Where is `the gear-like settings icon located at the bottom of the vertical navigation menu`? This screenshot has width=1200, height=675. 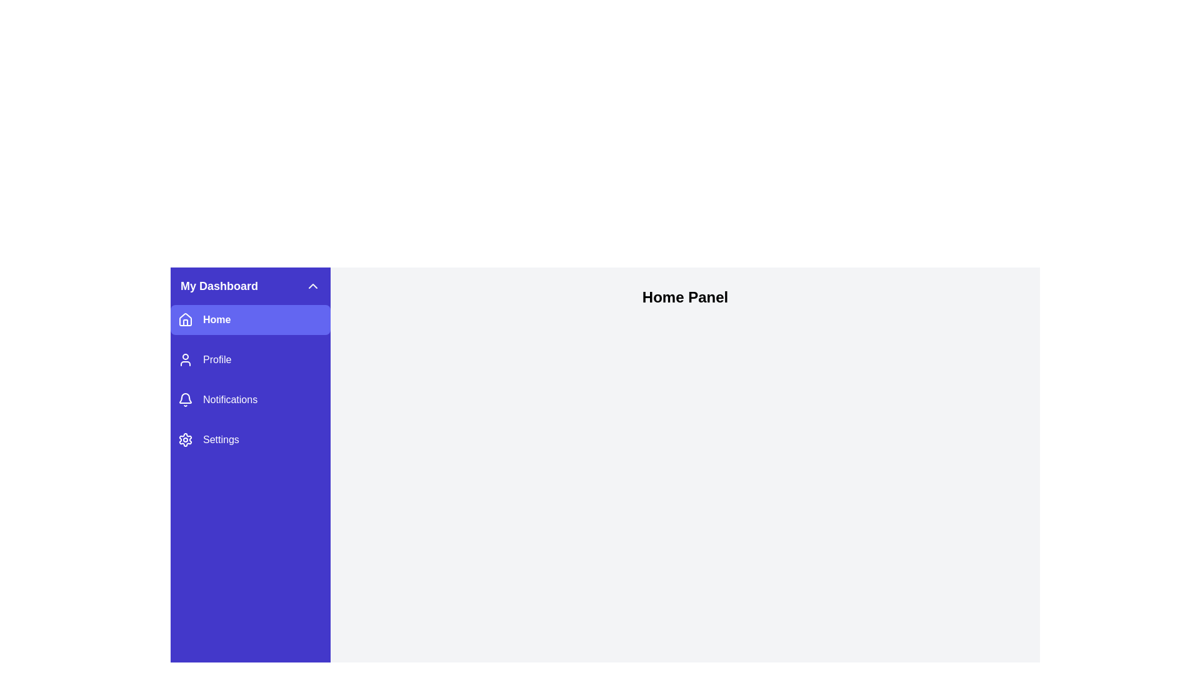
the gear-like settings icon located at the bottom of the vertical navigation menu is located at coordinates (185, 439).